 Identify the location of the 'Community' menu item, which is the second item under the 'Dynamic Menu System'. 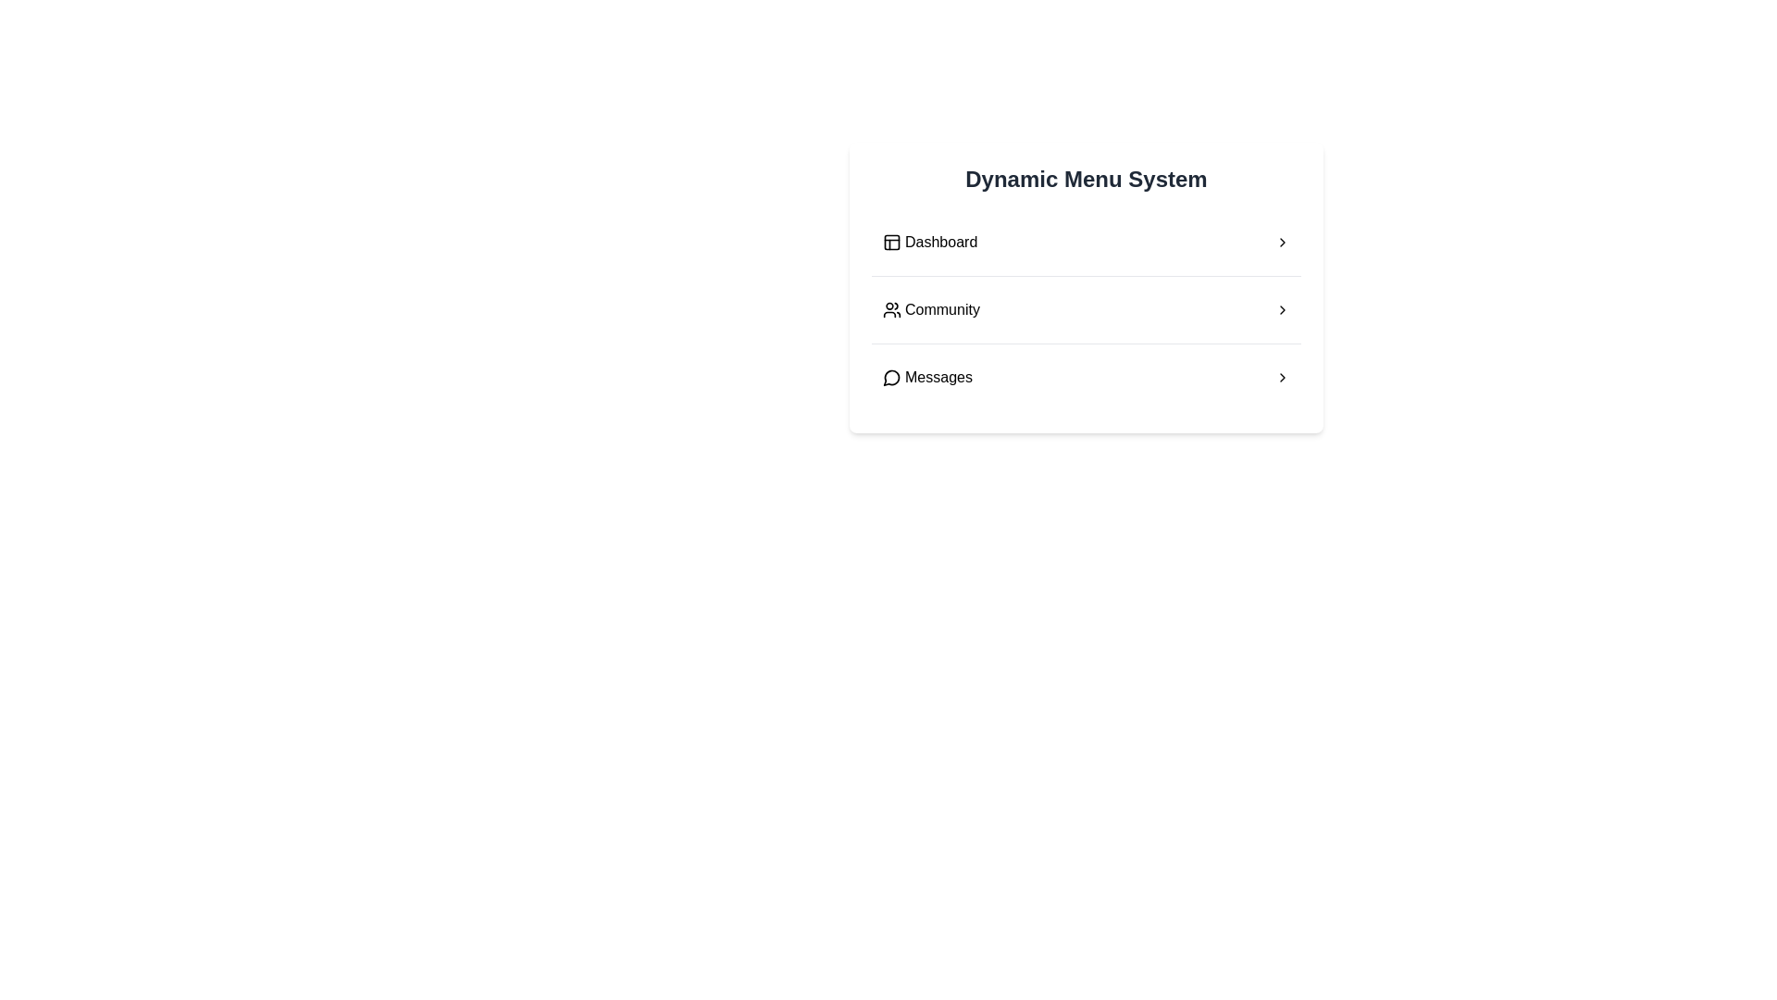
(1087, 308).